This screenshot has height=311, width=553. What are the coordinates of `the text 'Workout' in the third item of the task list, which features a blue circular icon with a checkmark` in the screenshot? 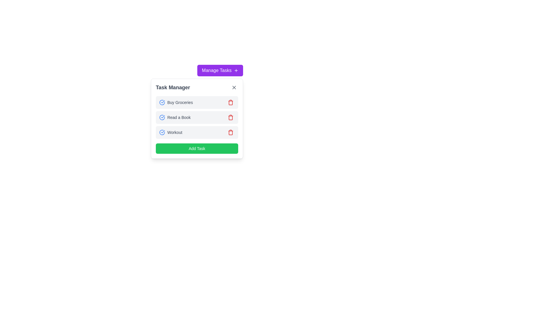 It's located at (170, 132).